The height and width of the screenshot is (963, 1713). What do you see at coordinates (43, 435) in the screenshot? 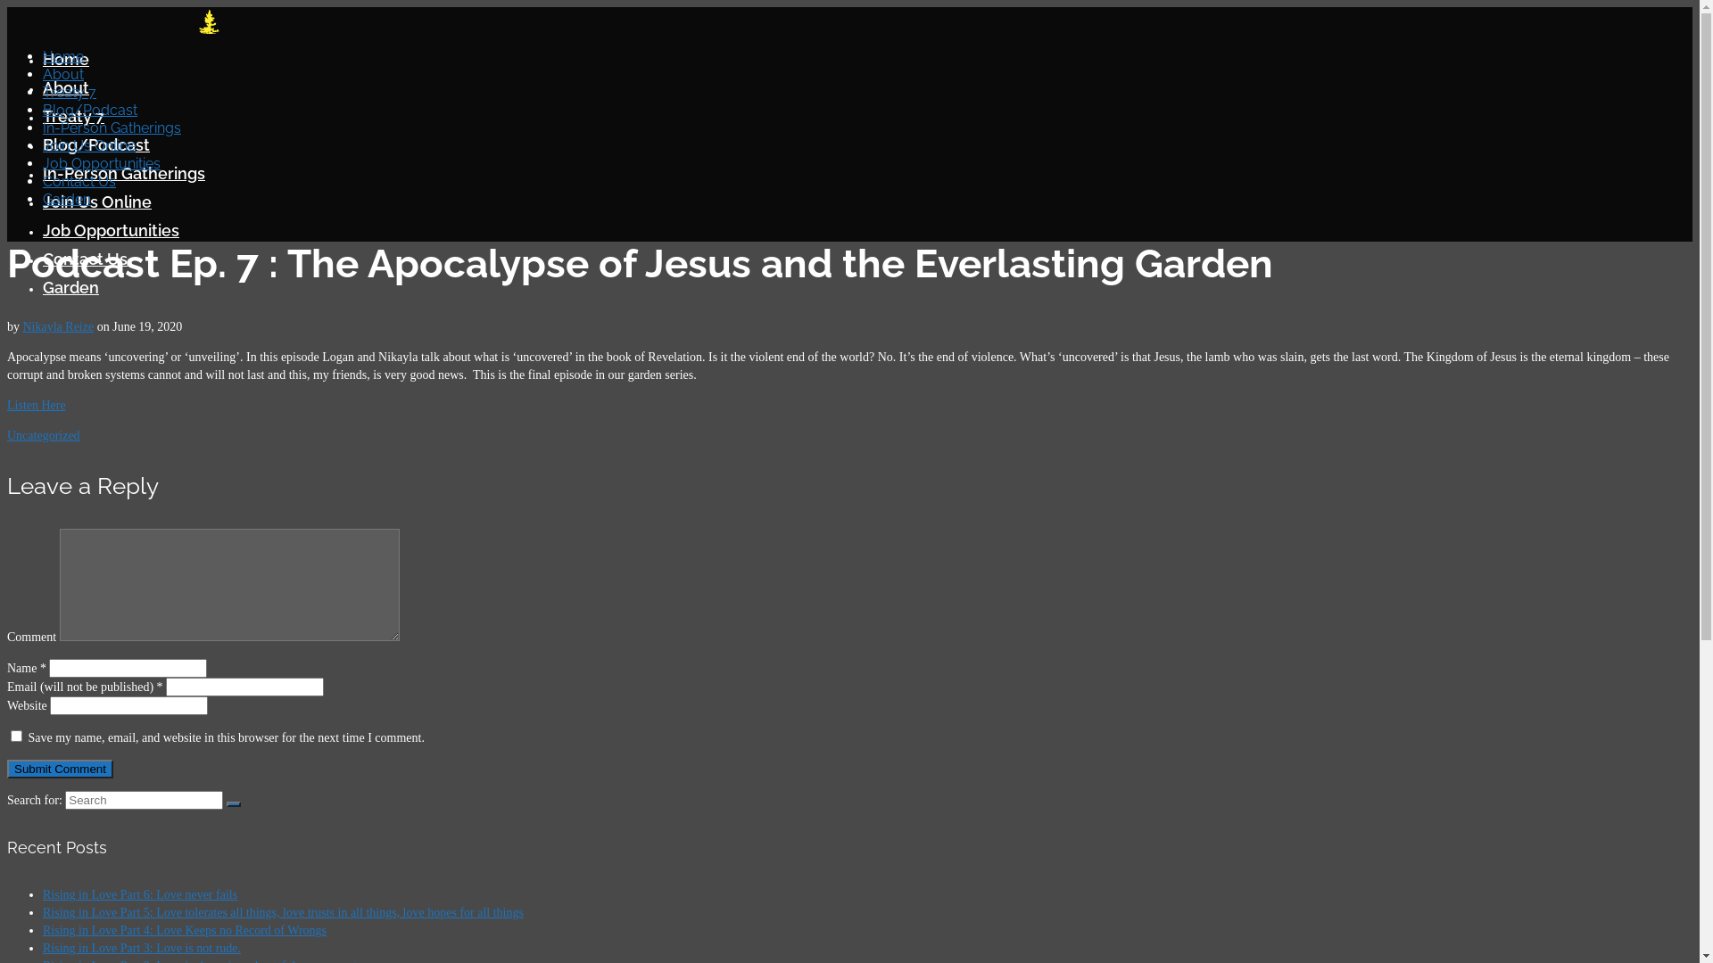
I see `'Uncategorized'` at bounding box center [43, 435].